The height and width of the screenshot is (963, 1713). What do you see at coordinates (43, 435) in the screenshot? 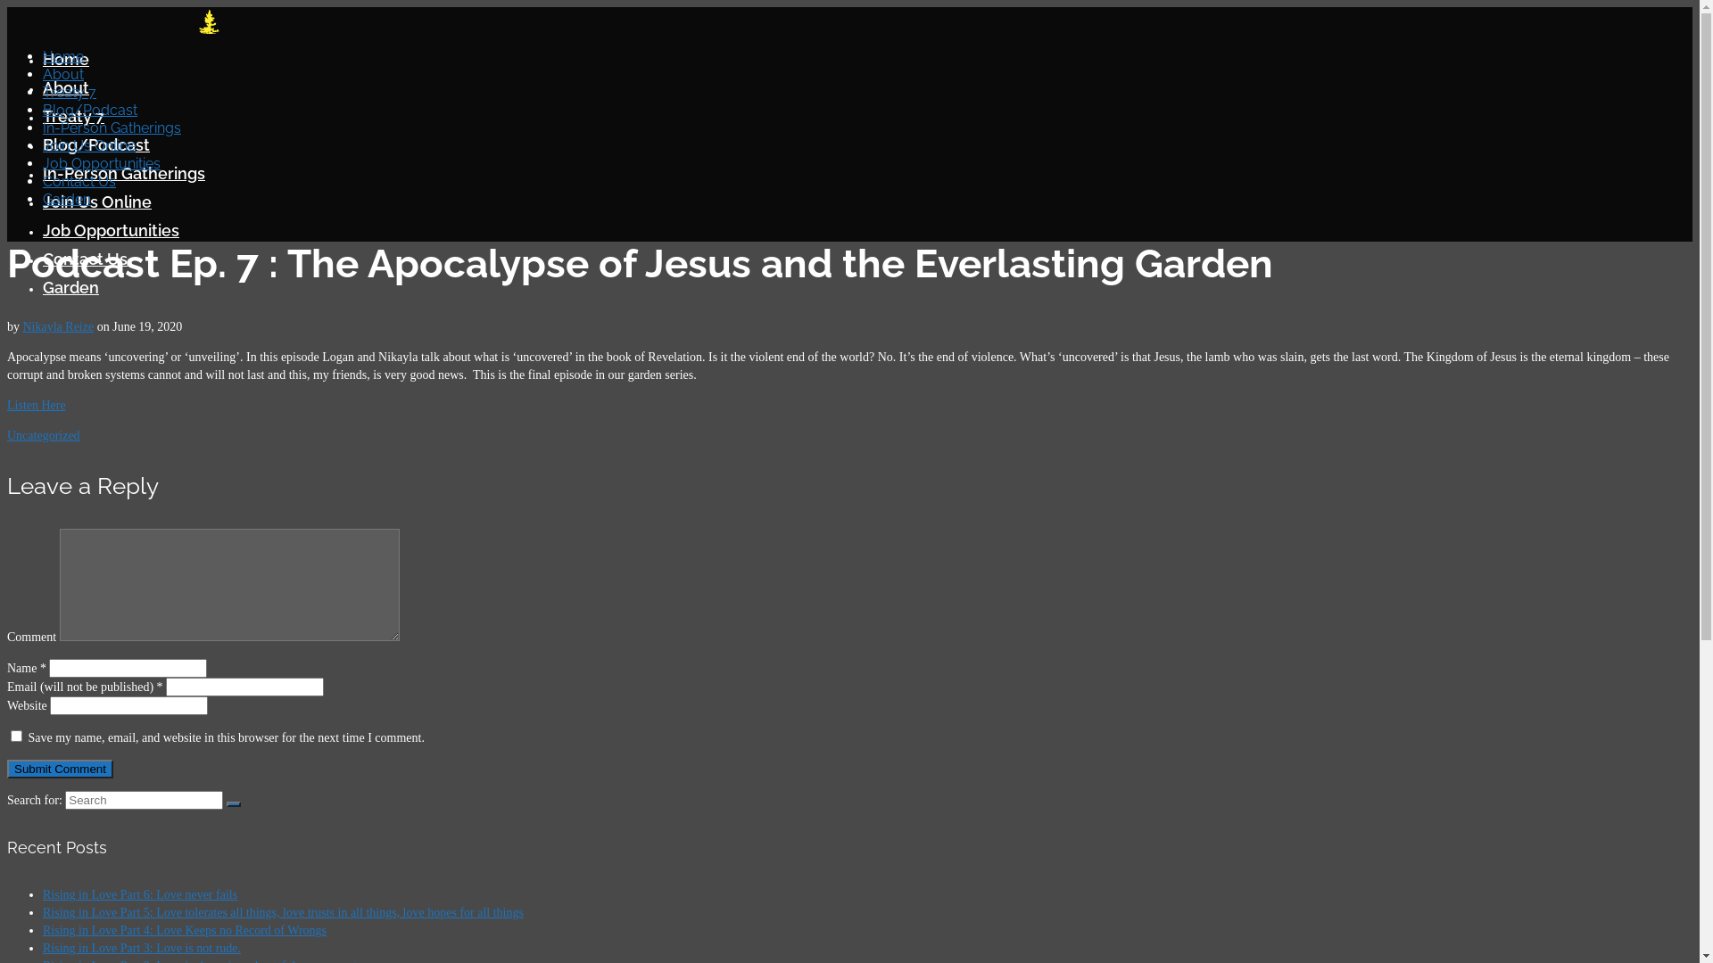
I see `'Uncategorized'` at bounding box center [43, 435].